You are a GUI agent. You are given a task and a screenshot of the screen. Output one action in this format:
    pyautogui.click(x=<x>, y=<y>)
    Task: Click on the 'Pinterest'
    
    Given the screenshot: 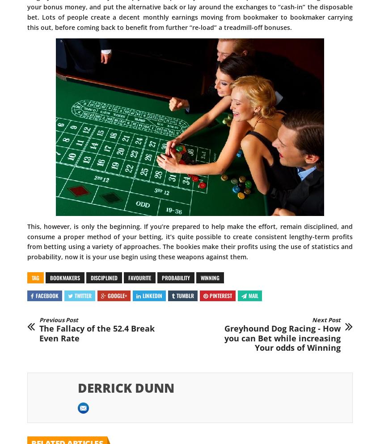 What is the action you would take?
    pyautogui.click(x=210, y=295)
    